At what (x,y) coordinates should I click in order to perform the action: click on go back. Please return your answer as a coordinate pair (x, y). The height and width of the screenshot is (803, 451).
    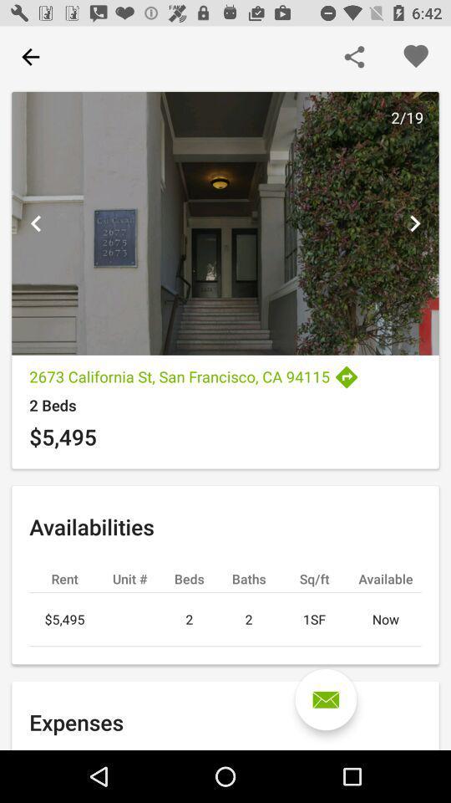
    Looking at the image, I should click on (30, 57).